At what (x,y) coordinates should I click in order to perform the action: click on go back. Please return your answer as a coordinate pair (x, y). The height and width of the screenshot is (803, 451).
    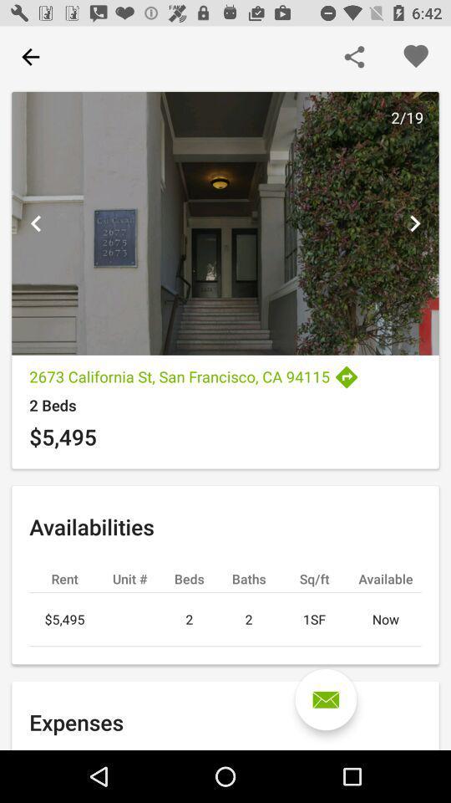
    Looking at the image, I should click on (30, 57).